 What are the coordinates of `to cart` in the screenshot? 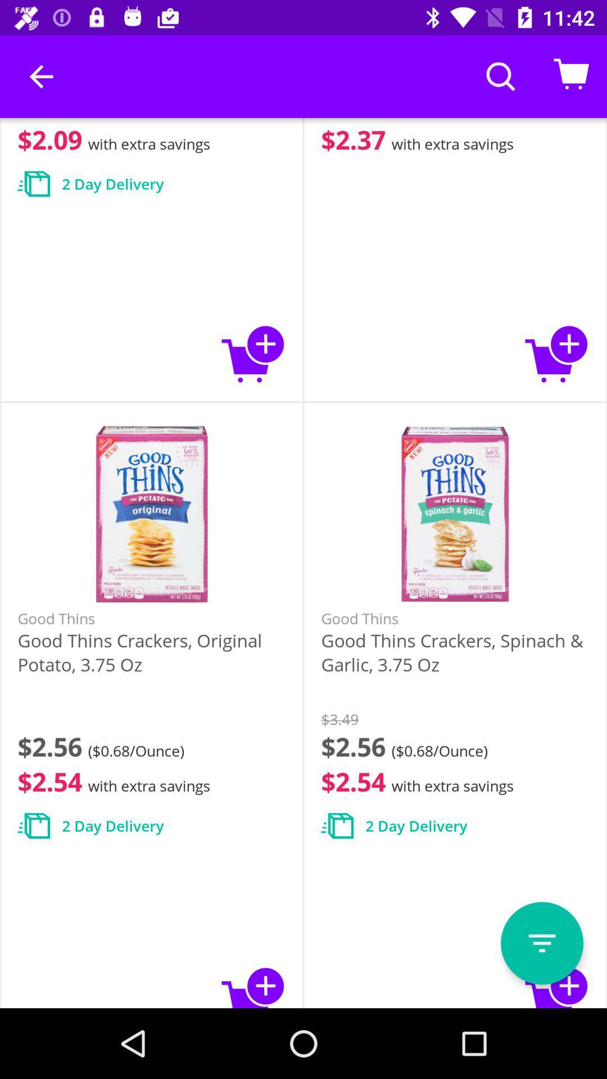 It's located at (253, 985).